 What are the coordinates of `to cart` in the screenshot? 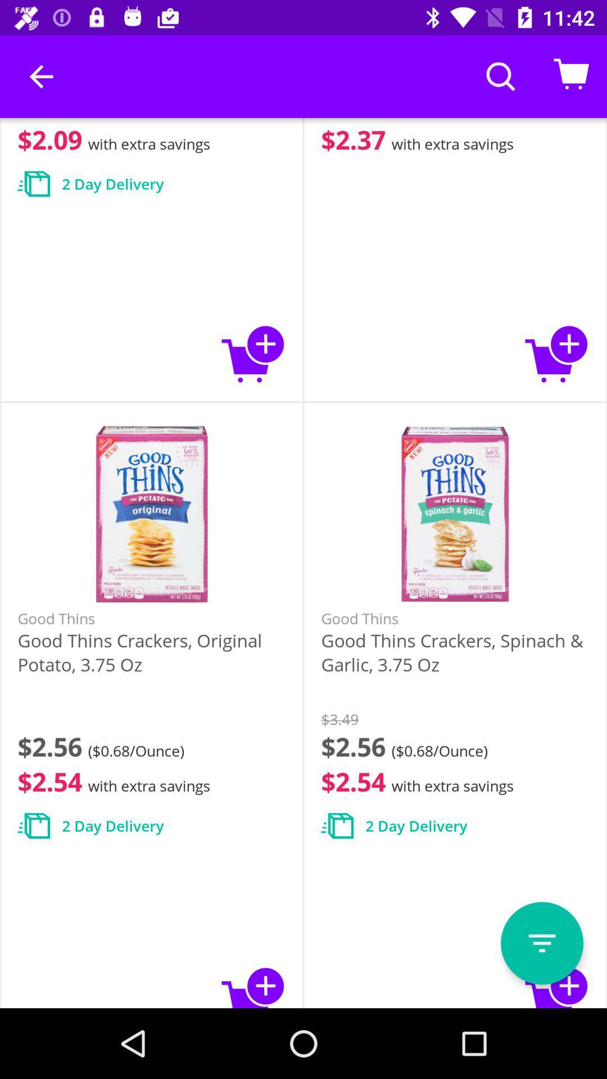 It's located at (253, 985).